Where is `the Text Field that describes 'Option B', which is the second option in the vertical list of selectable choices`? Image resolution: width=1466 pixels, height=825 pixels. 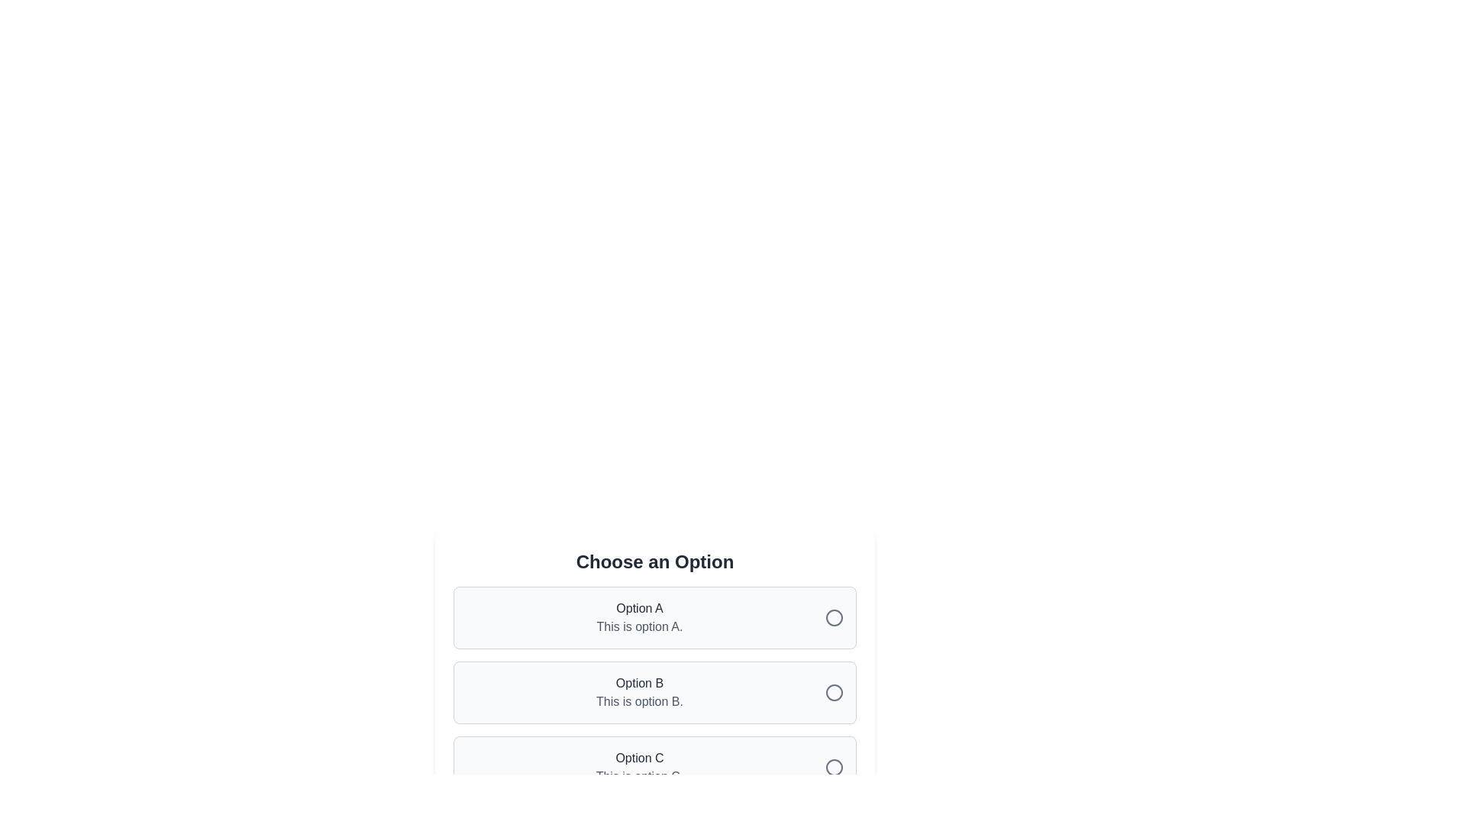 the Text Field that describes 'Option B', which is the second option in the vertical list of selectable choices is located at coordinates (640, 692).